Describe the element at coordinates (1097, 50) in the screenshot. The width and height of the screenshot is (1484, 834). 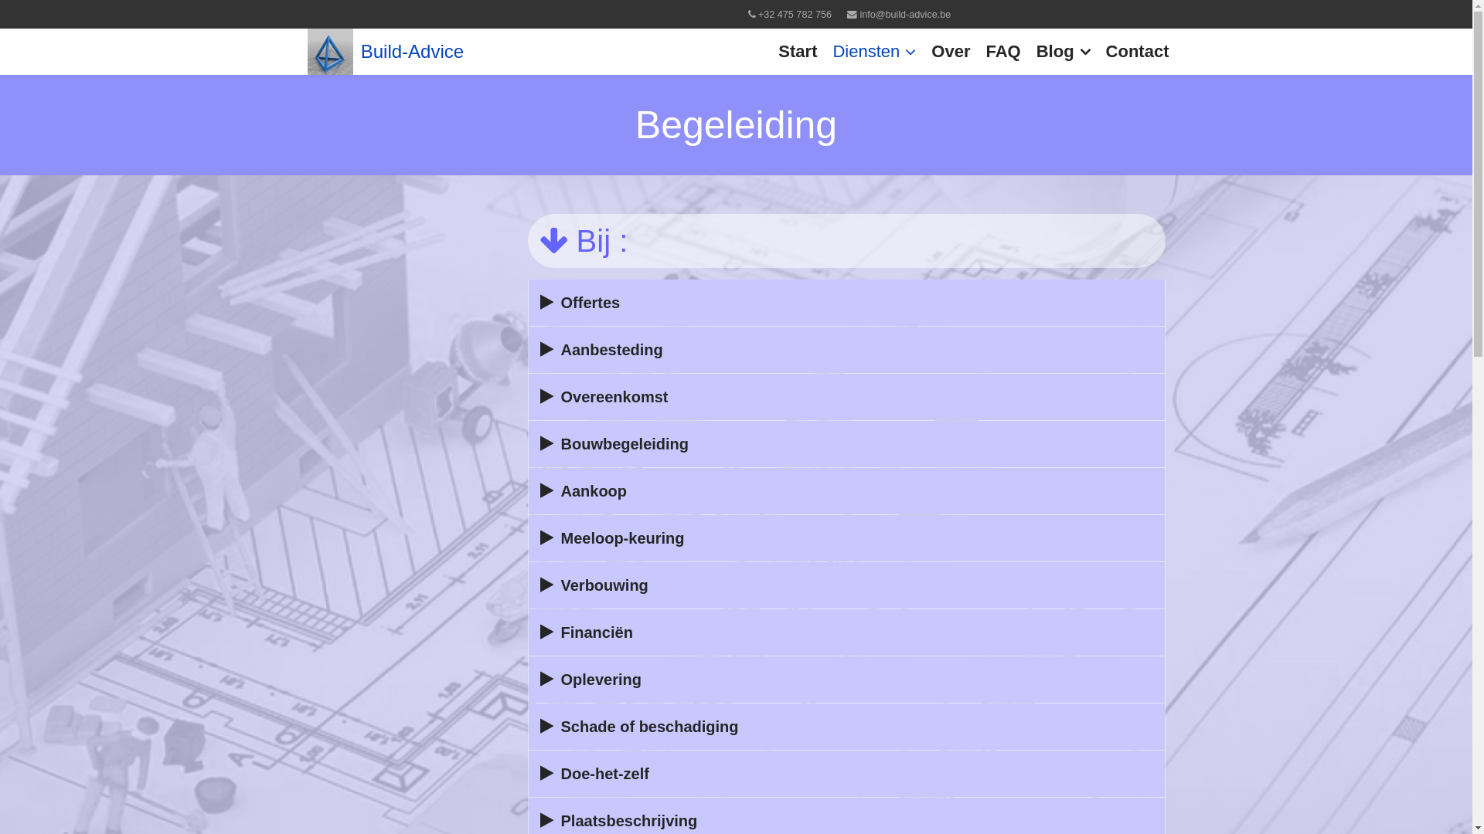
I see `'Contact'` at that location.